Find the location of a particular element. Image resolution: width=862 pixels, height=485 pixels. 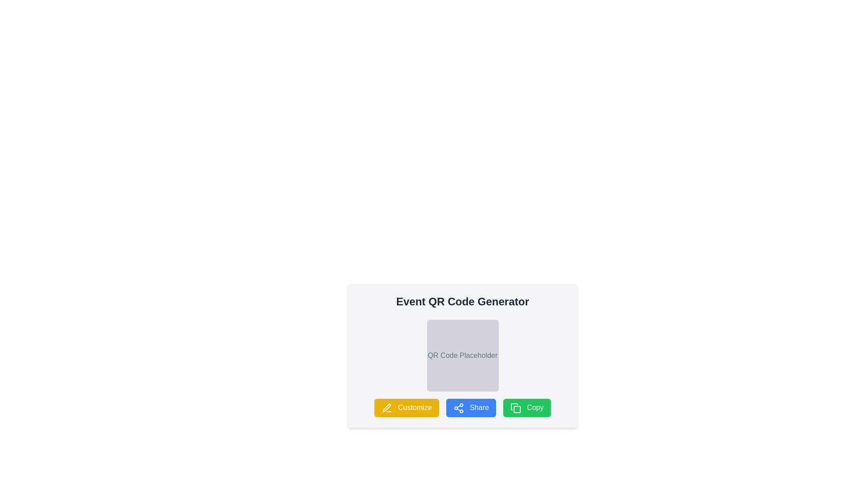

the middle share button located below the QR code placeholder is located at coordinates (471, 408).